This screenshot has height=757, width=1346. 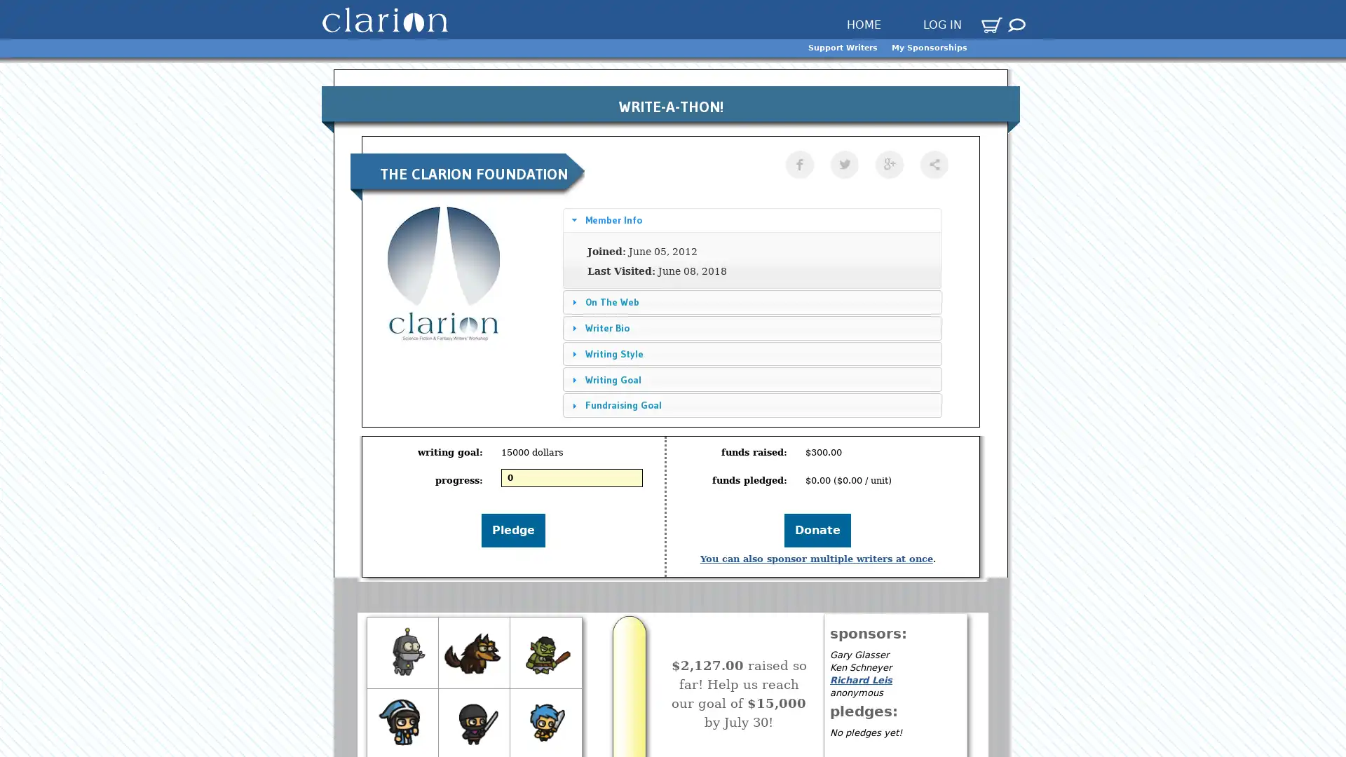 What do you see at coordinates (817, 530) in the screenshot?
I see `Donate` at bounding box center [817, 530].